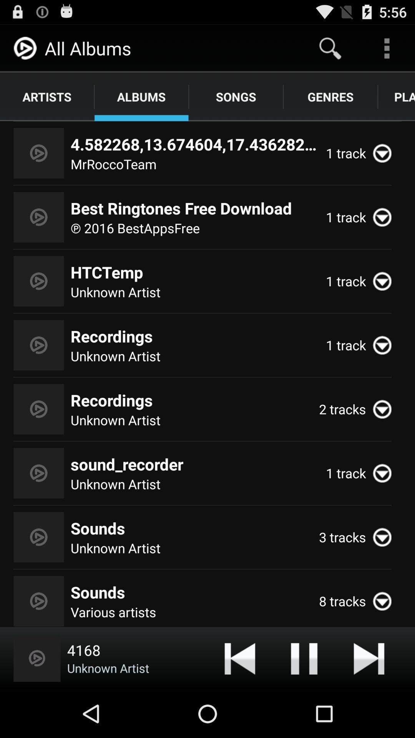 The image size is (415, 738). Describe the element at coordinates (385, 601) in the screenshot. I see `the button next to 8 tracks` at that location.